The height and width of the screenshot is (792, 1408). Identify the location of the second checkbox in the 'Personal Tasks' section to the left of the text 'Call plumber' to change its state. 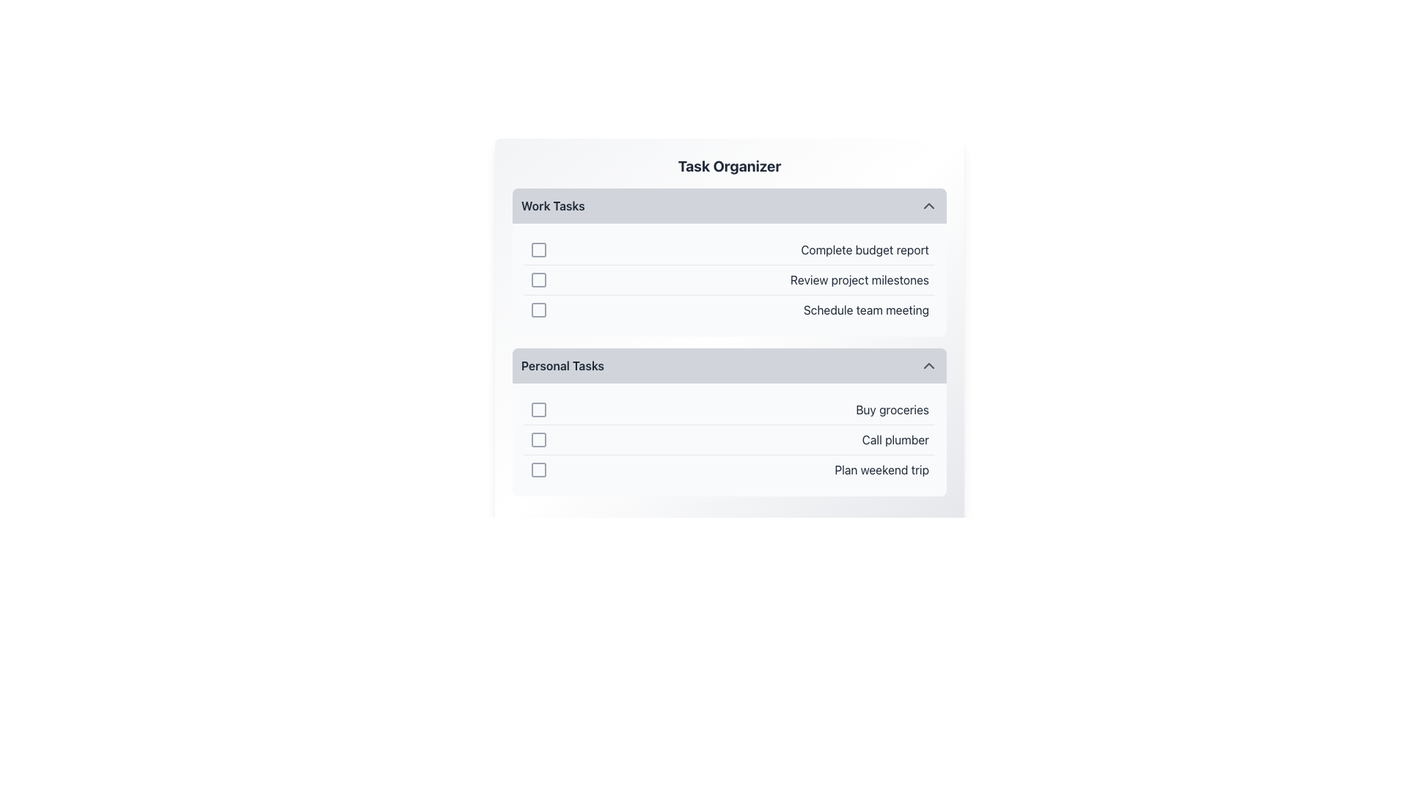
(538, 439).